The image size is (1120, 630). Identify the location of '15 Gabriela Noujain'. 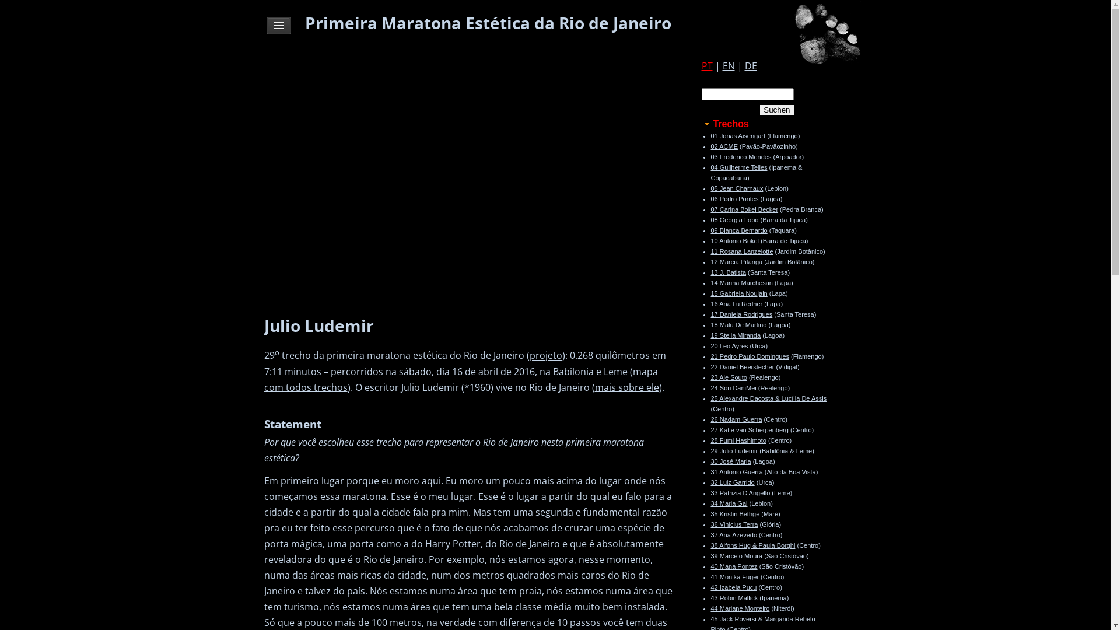
(738, 292).